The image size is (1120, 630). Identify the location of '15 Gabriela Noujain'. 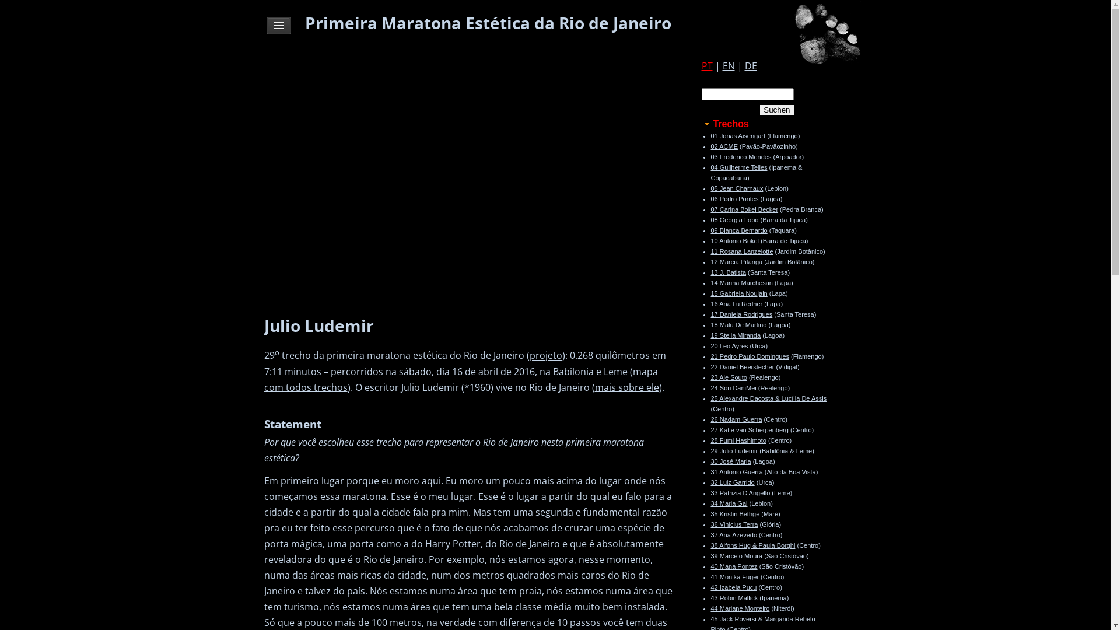
(738, 292).